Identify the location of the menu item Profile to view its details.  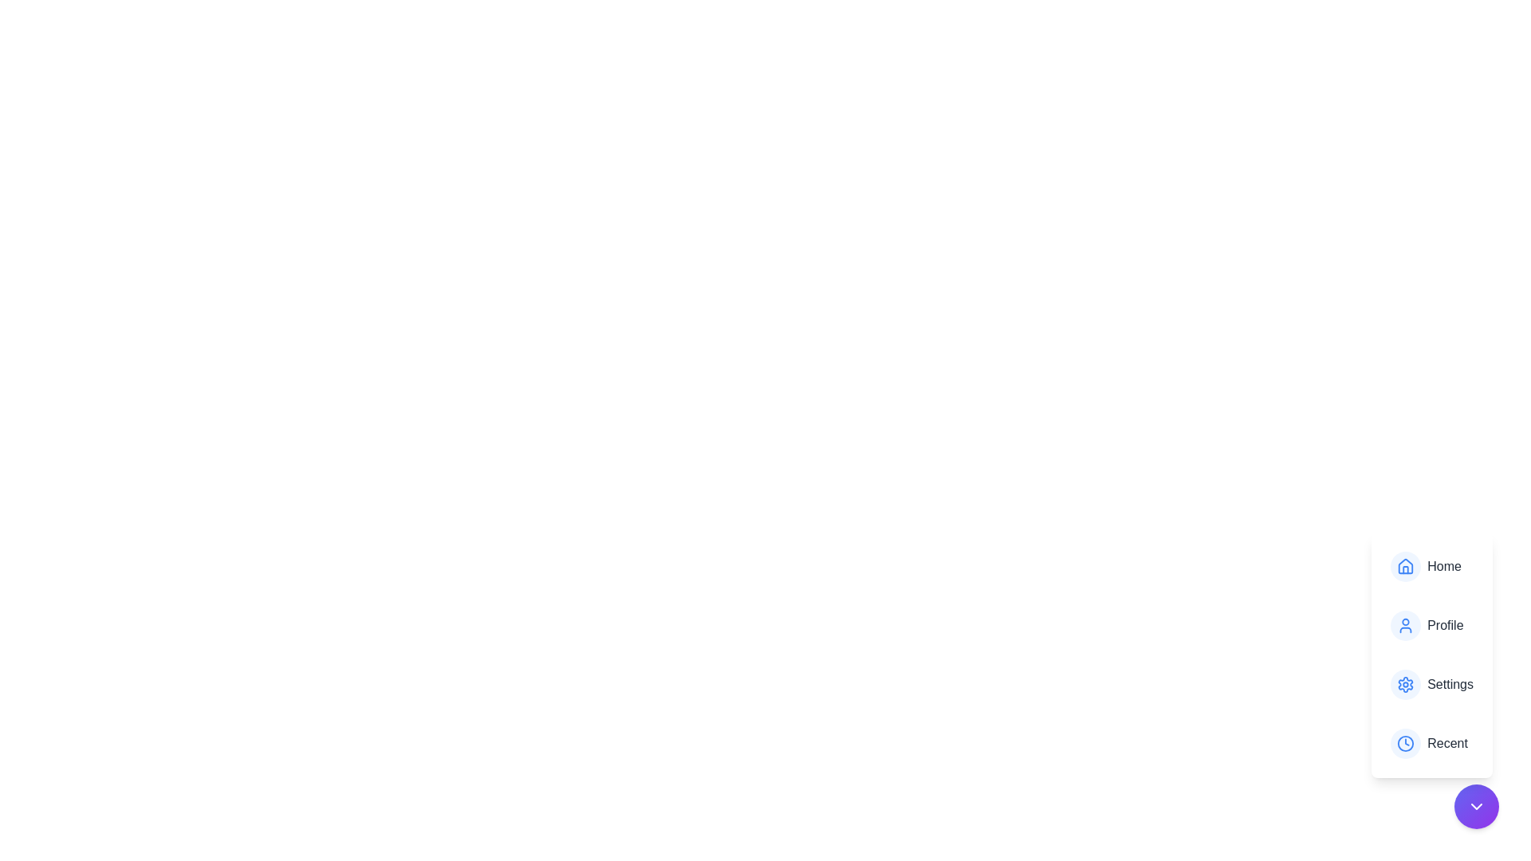
(1431, 625).